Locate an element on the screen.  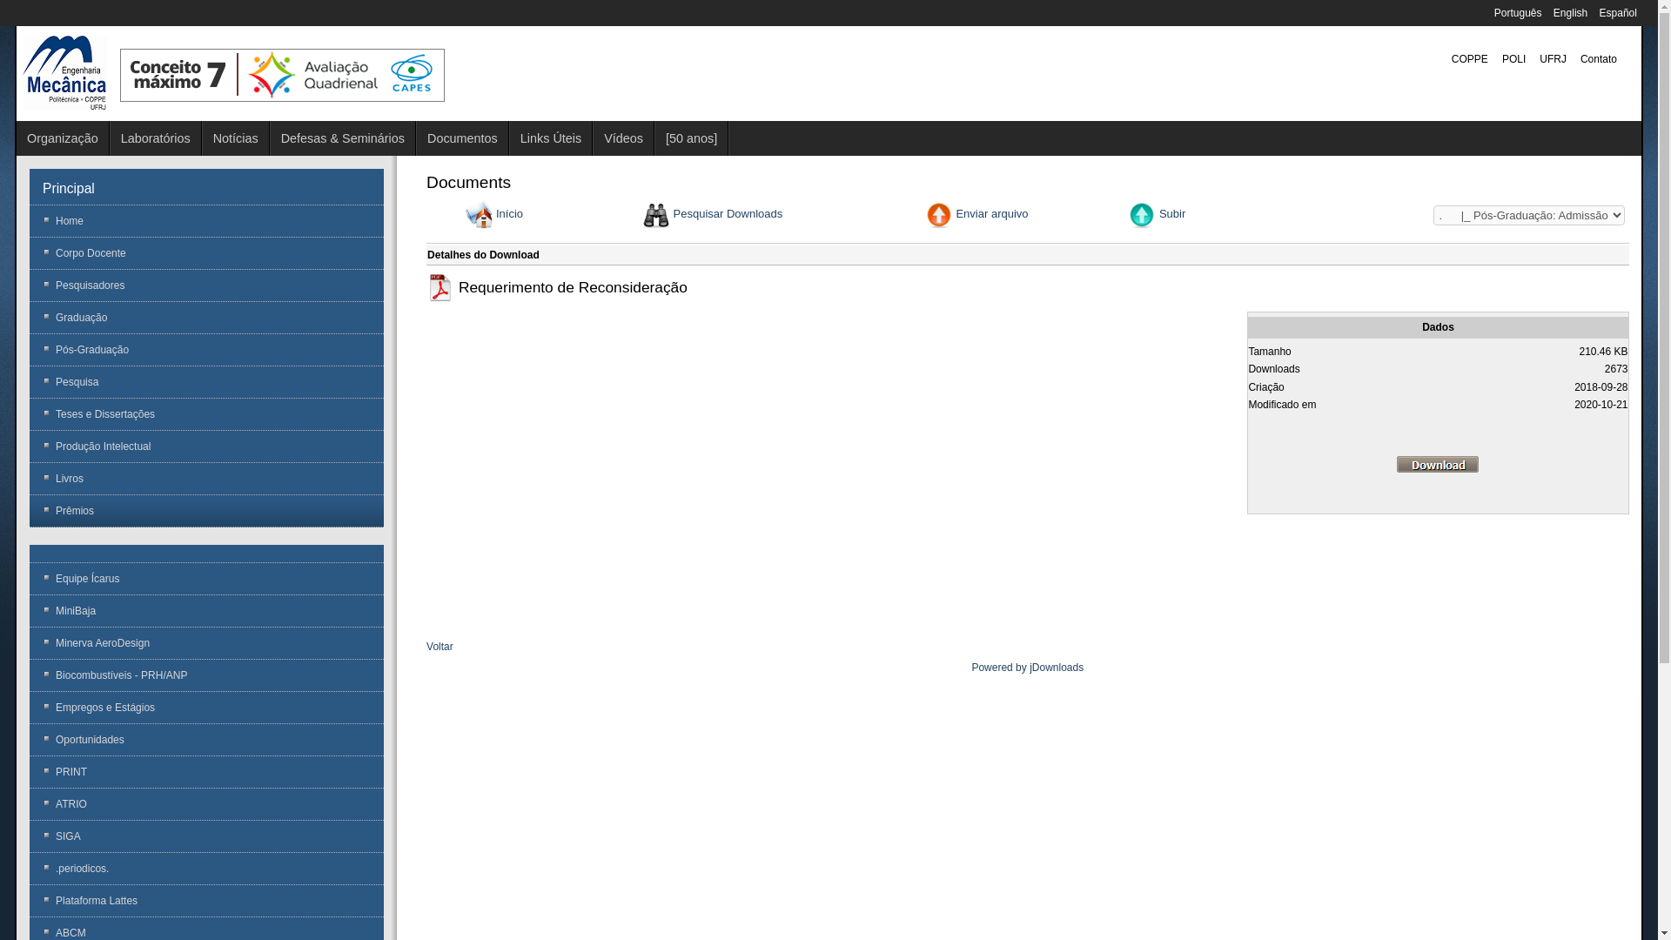
'Pesquisar Downloads' is located at coordinates (728, 213).